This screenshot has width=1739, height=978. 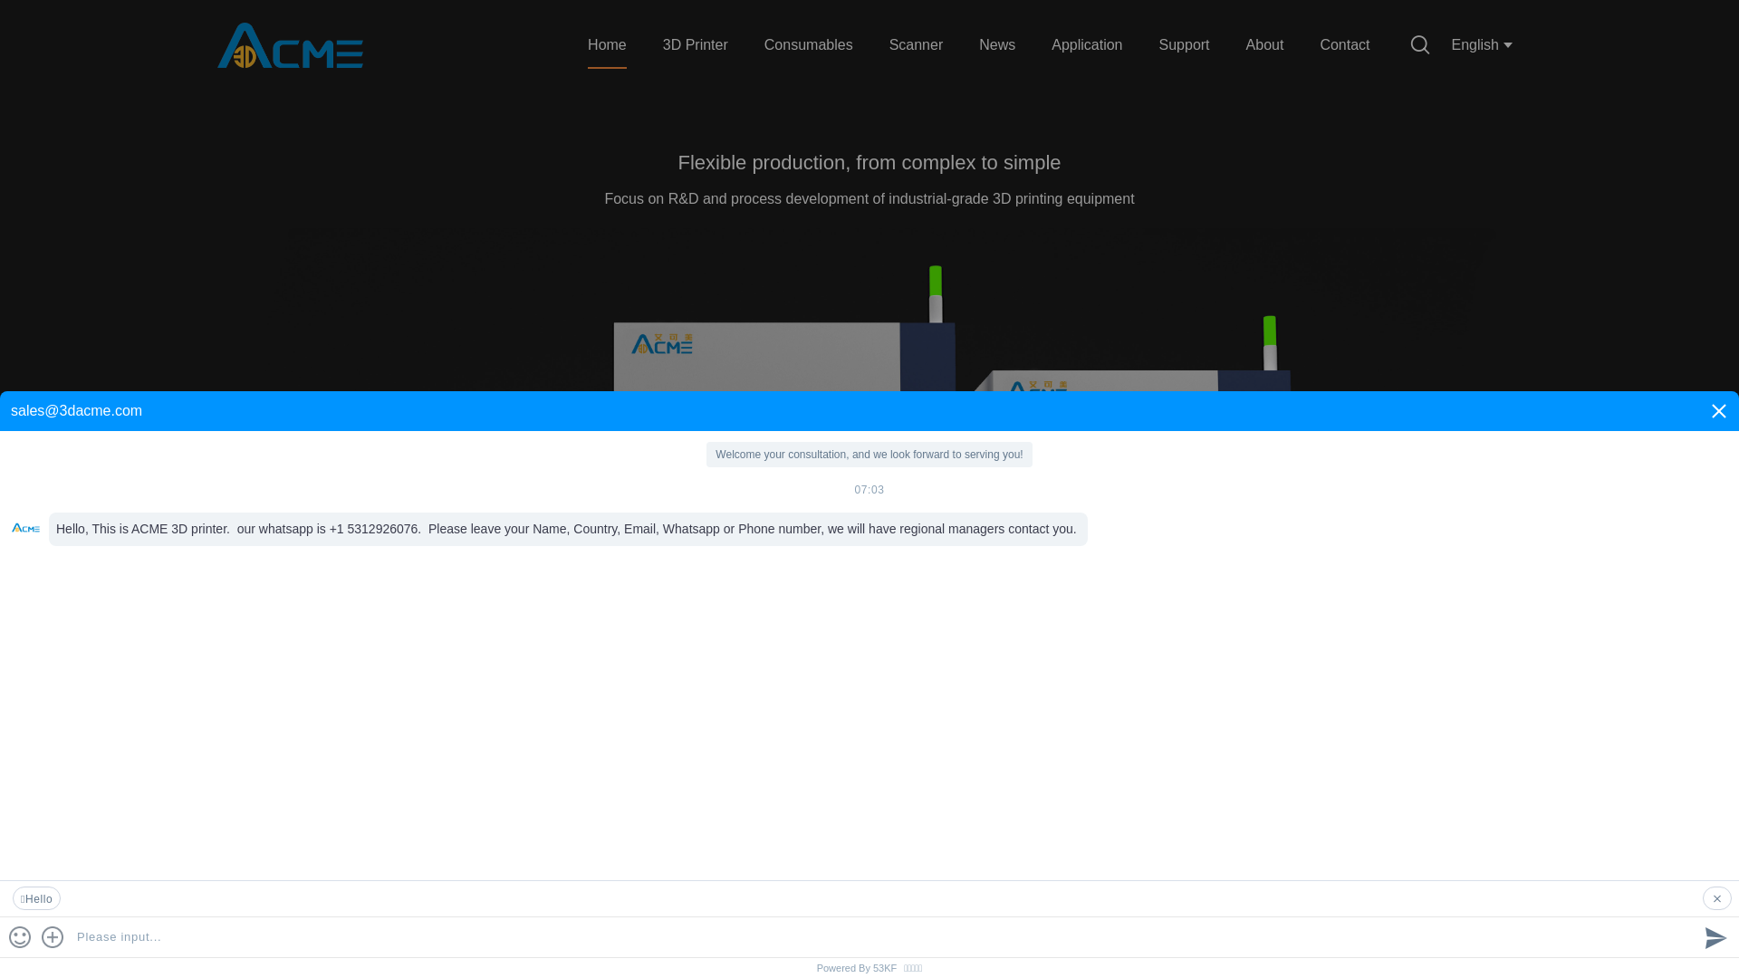 What do you see at coordinates (1590, 721) in the screenshot?
I see `'1'` at bounding box center [1590, 721].